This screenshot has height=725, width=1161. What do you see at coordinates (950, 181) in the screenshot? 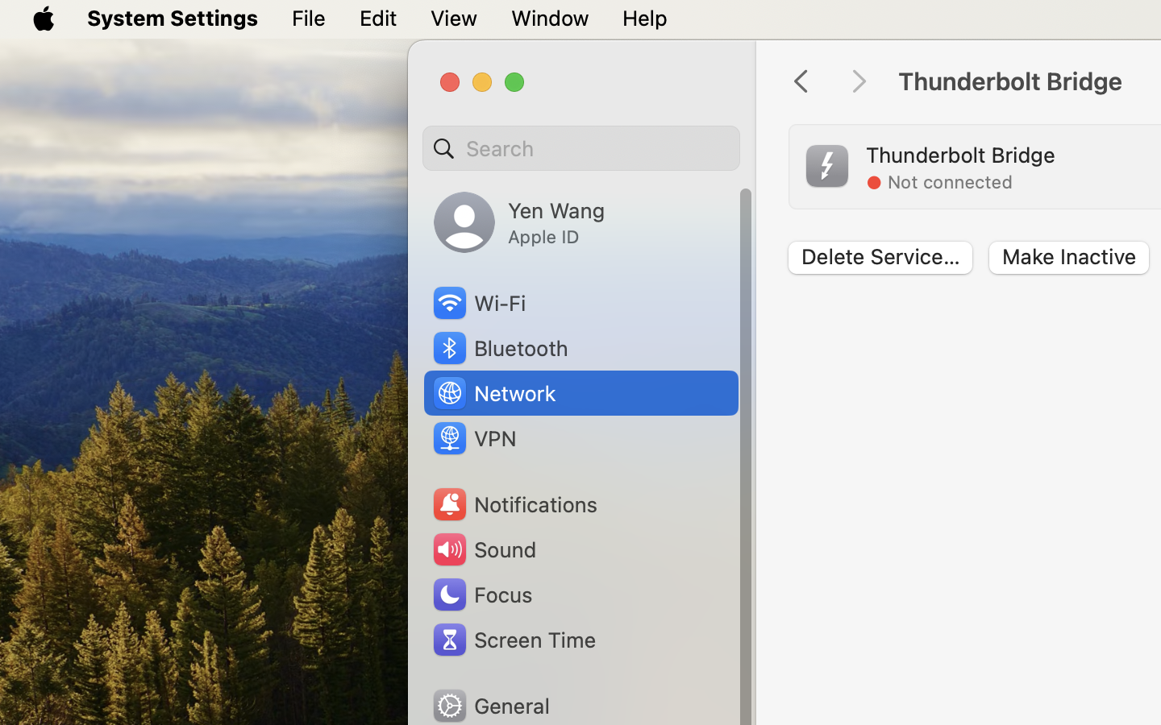
I see `'Not connected'` at bounding box center [950, 181].